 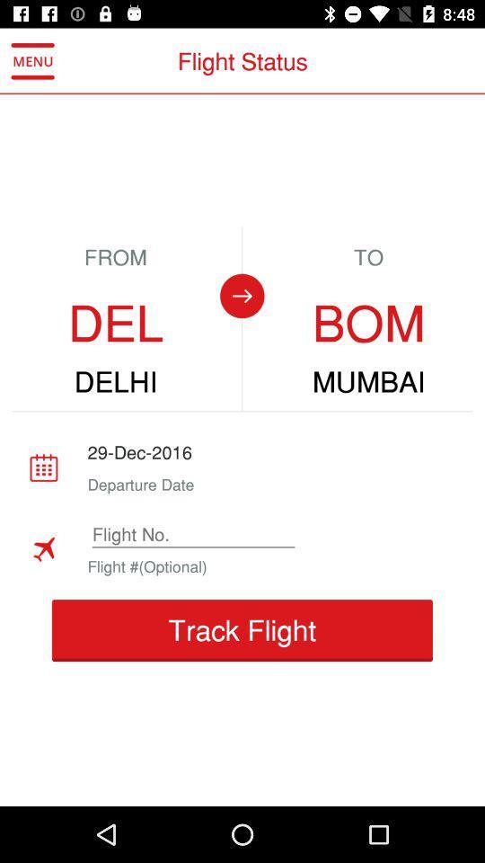 What do you see at coordinates (242, 296) in the screenshot?
I see `reverse options` at bounding box center [242, 296].